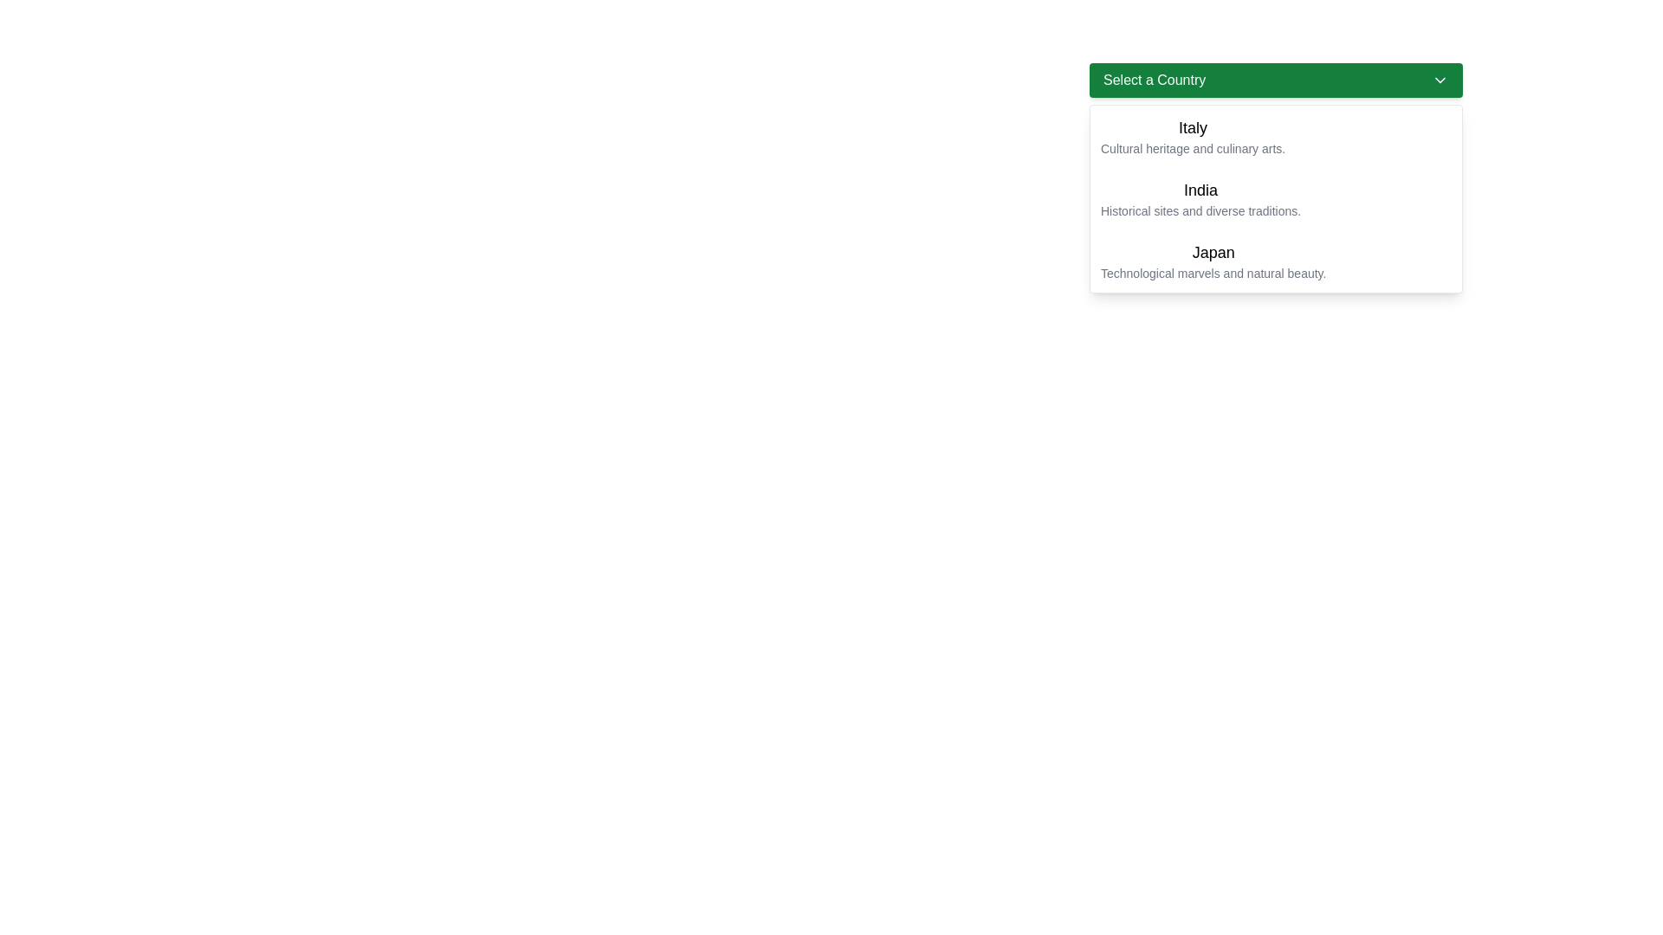  I want to click on the third selectable item in the 'Select a Country' dropdown menu labeled 'Japan', so click(1213, 261).